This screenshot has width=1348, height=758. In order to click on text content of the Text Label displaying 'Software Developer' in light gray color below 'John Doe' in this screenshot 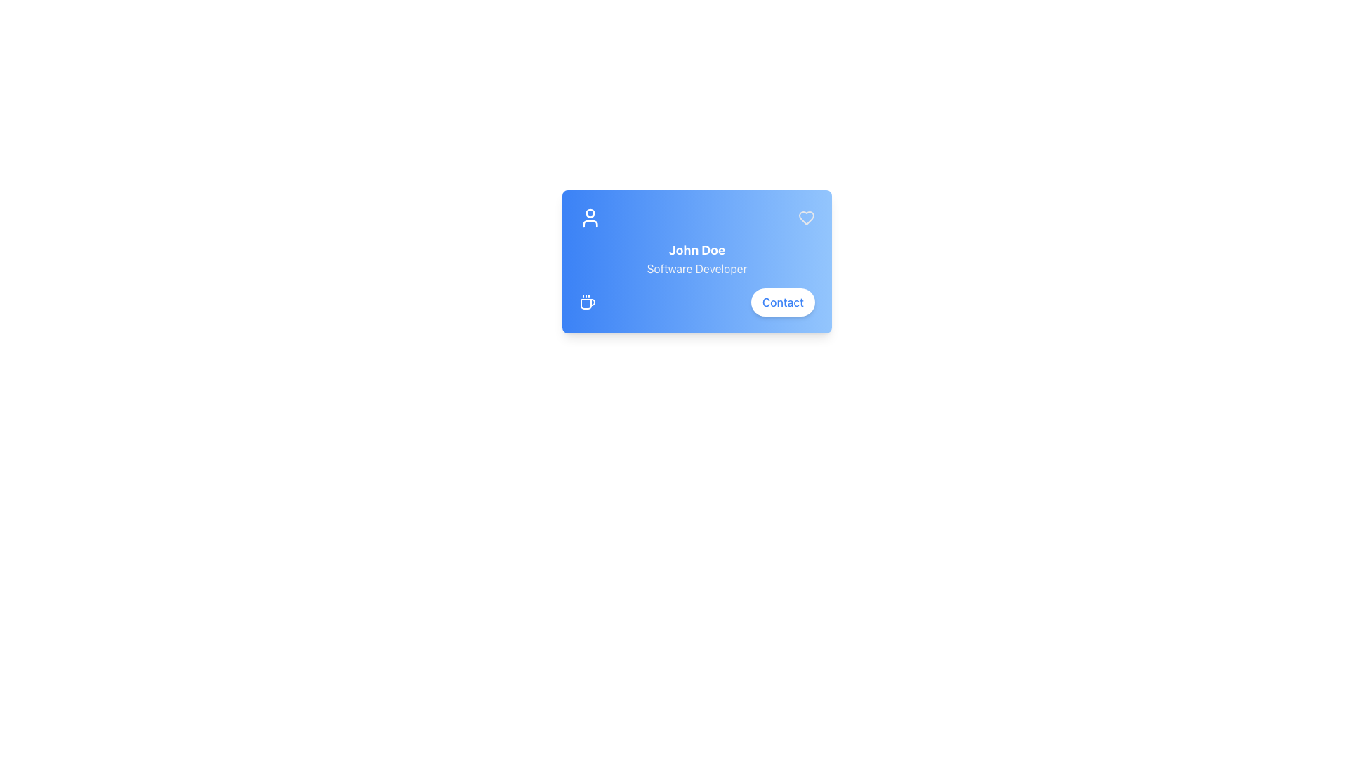, I will do `click(697, 268)`.